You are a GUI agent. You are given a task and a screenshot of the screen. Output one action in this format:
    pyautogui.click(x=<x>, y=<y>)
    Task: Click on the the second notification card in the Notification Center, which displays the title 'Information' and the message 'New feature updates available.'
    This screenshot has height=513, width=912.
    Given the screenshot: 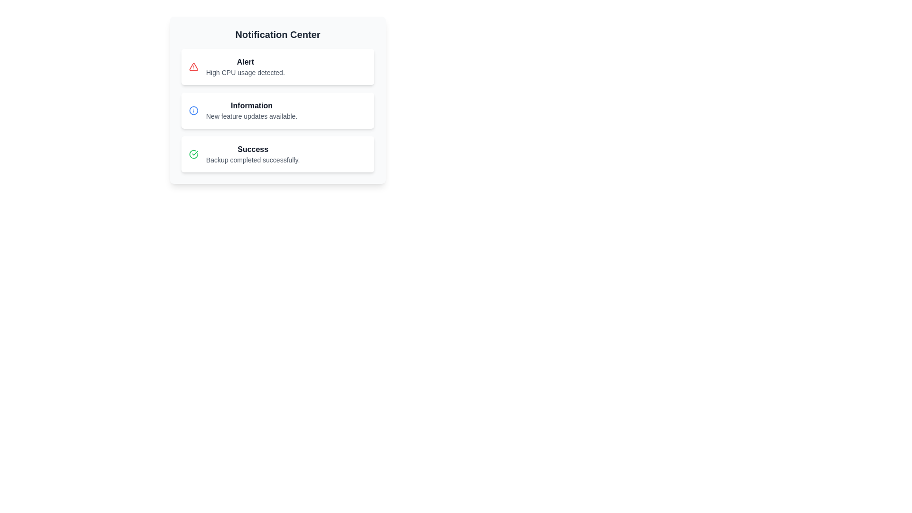 What is the action you would take?
    pyautogui.click(x=277, y=100)
    